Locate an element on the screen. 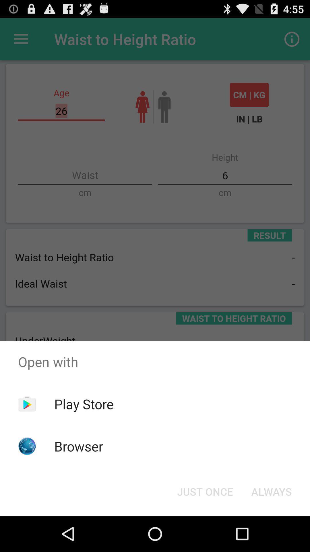 This screenshot has height=552, width=310. button at the bottom is located at coordinates (205, 491).